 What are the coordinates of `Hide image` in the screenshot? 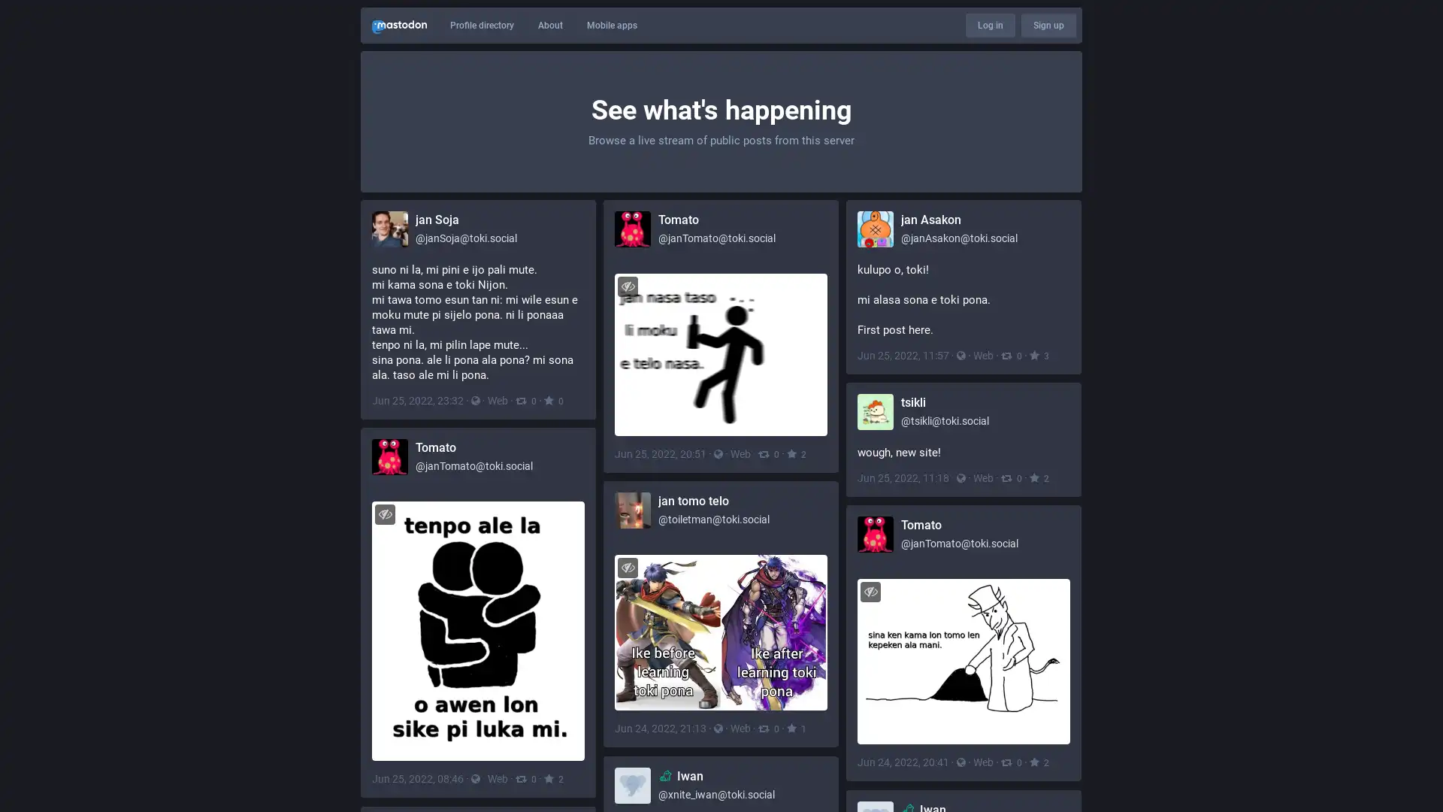 It's located at (628, 286).